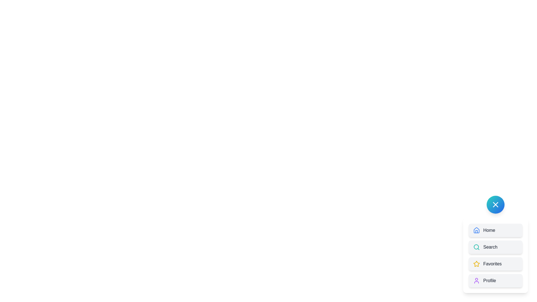 Image resolution: width=537 pixels, height=302 pixels. Describe the element at coordinates (476, 264) in the screenshot. I see `the Favorites icon located in the sidebar menu, positioned next to the 'Favorites' text label` at that location.